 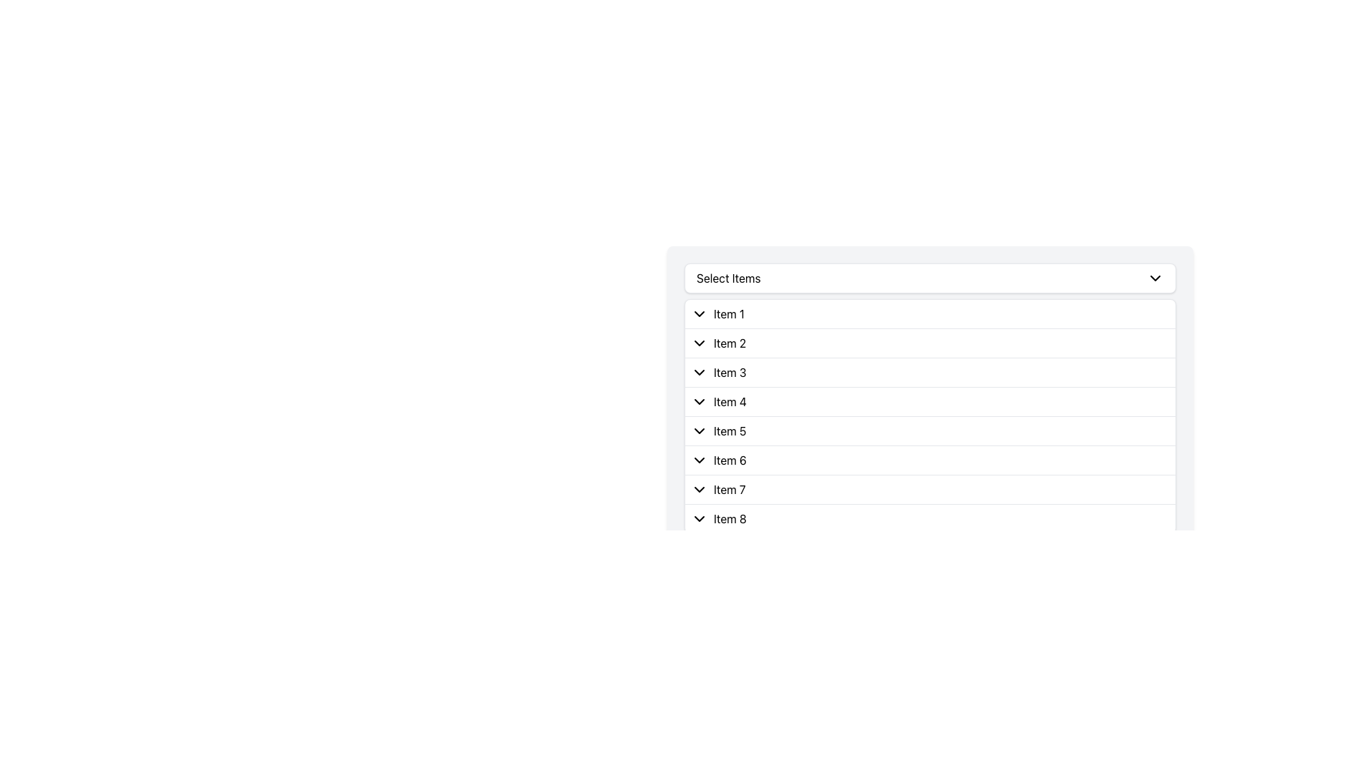 What do you see at coordinates (700, 371) in the screenshot?
I see `the toggle icon located to the left of 'Item 3' in the third row of the list` at bounding box center [700, 371].